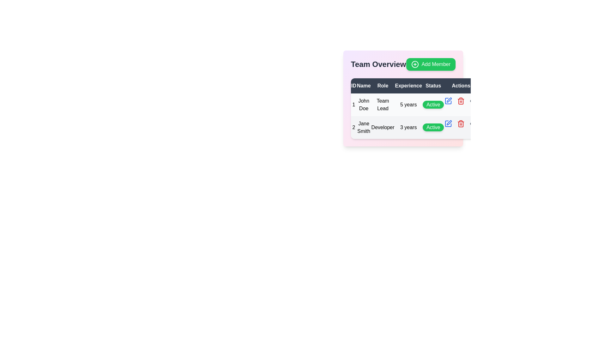 Image resolution: width=607 pixels, height=341 pixels. What do you see at coordinates (408, 86) in the screenshot?
I see `the 'Experience' table header element, which has a dark background and white text, located in the fourth column of the table header row` at bounding box center [408, 86].